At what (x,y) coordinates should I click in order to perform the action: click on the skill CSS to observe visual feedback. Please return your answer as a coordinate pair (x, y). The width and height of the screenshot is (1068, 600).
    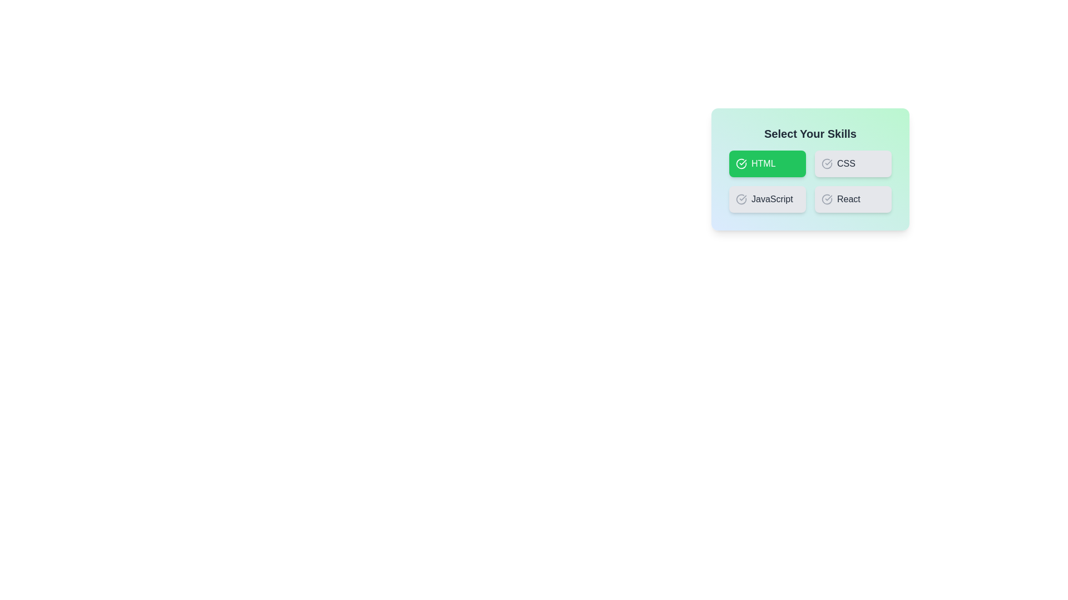
    Looking at the image, I should click on (853, 163).